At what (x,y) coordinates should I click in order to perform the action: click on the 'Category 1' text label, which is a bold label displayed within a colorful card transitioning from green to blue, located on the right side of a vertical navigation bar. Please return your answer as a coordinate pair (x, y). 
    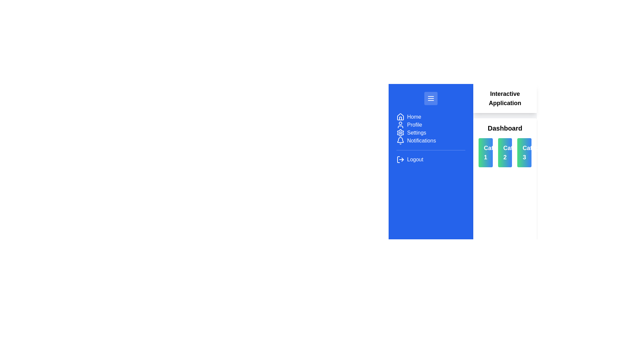
    Looking at the image, I should click on (486, 153).